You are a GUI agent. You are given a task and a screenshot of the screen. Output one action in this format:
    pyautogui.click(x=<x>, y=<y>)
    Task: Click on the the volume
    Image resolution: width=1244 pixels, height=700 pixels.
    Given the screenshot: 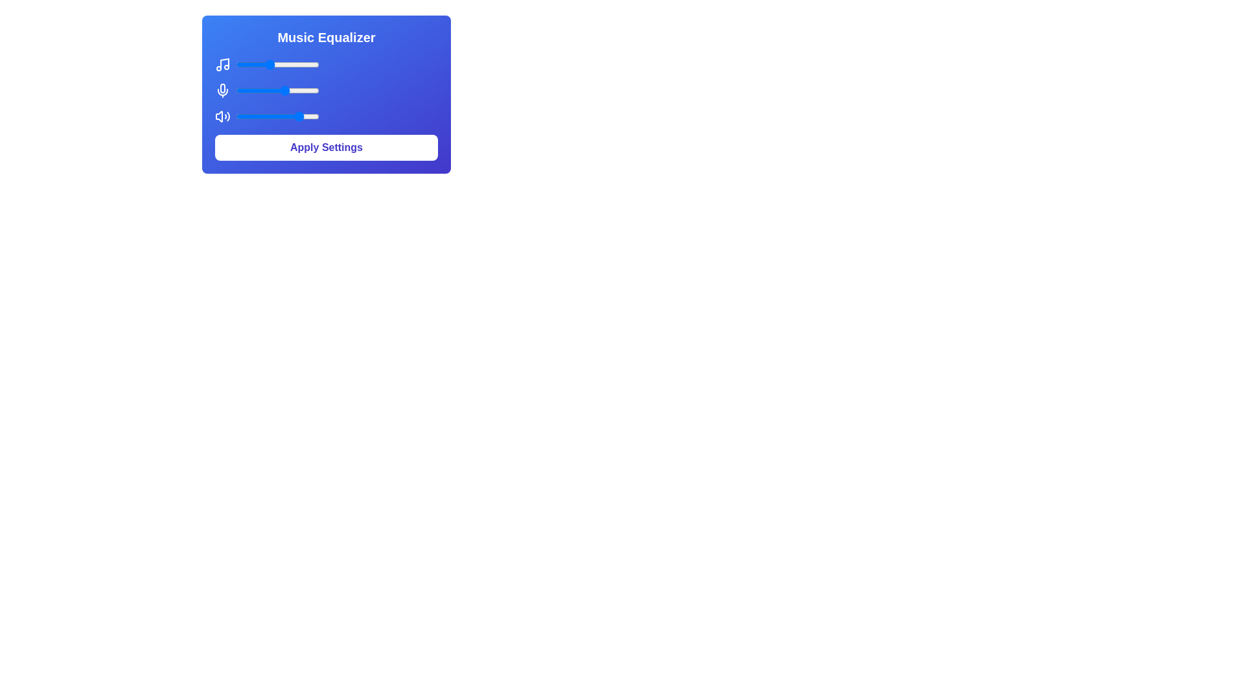 What is the action you would take?
    pyautogui.click(x=280, y=117)
    